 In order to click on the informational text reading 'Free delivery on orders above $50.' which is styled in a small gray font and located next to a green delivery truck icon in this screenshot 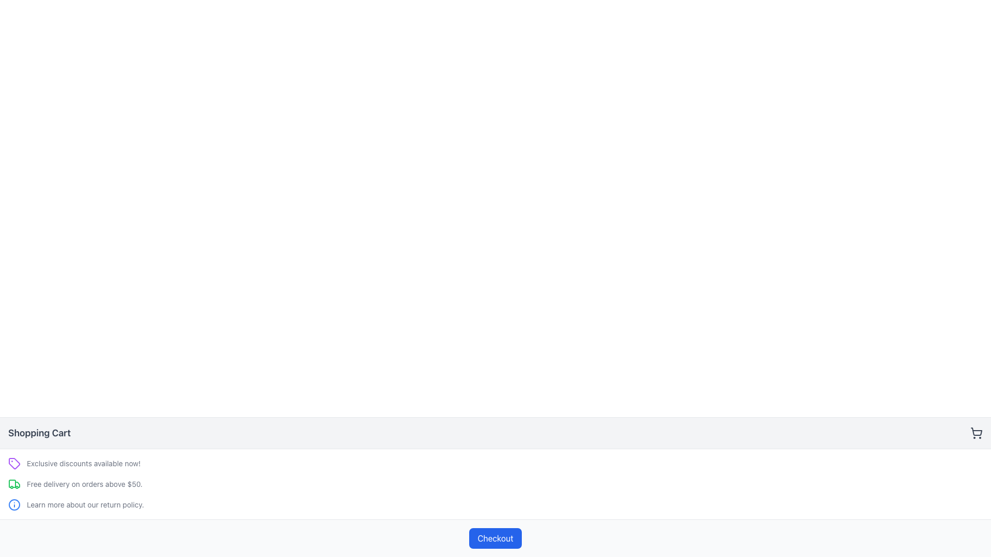, I will do `click(84, 484)`.